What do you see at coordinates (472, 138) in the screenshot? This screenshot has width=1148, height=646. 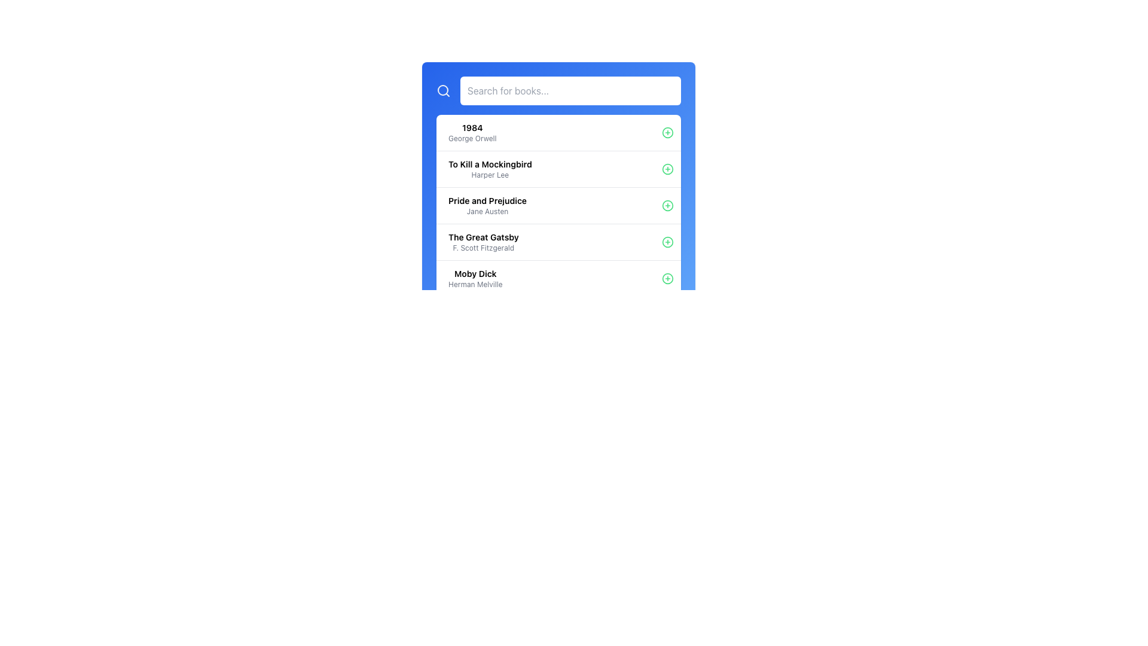 I see `the text label displaying 'George Orwell', which is located beneath the bold '1984' label in the upper left corner of the list` at bounding box center [472, 138].